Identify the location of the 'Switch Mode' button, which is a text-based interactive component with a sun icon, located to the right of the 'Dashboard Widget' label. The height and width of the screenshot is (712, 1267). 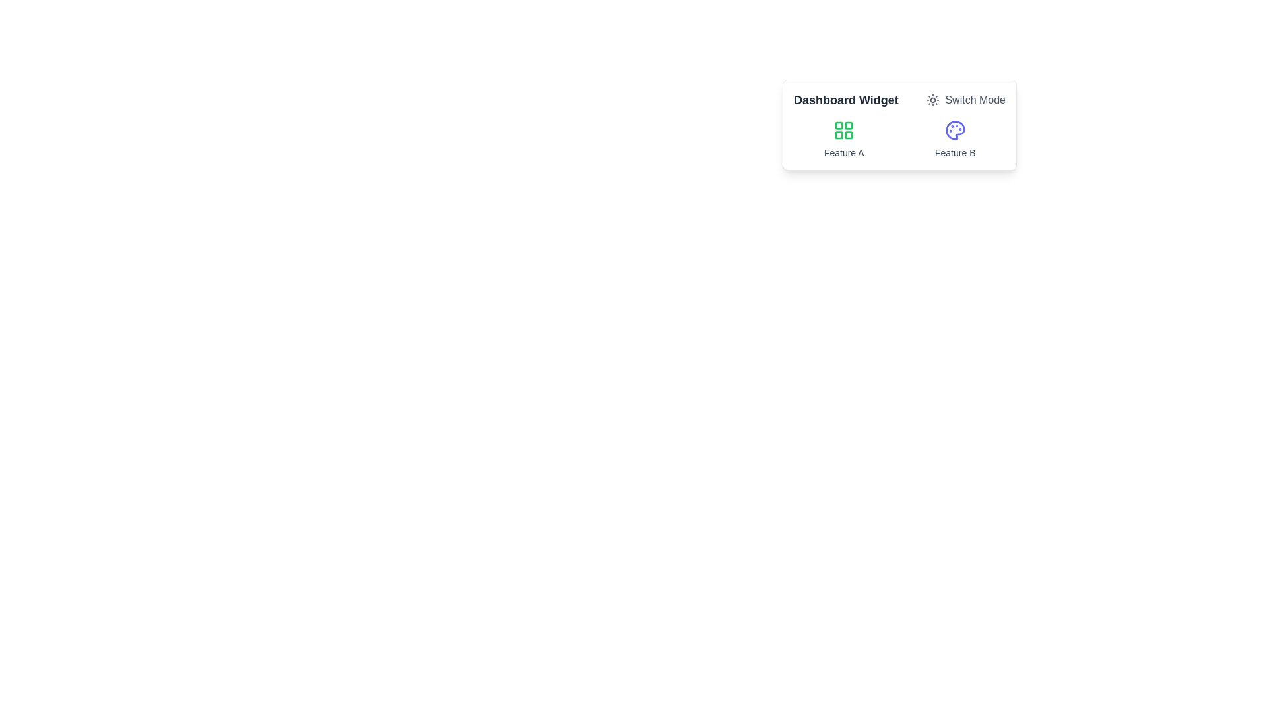
(966, 99).